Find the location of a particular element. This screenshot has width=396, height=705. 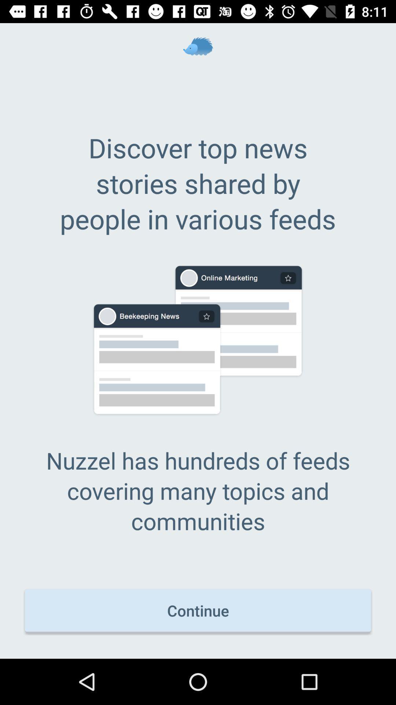

the continue is located at coordinates (198, 610).